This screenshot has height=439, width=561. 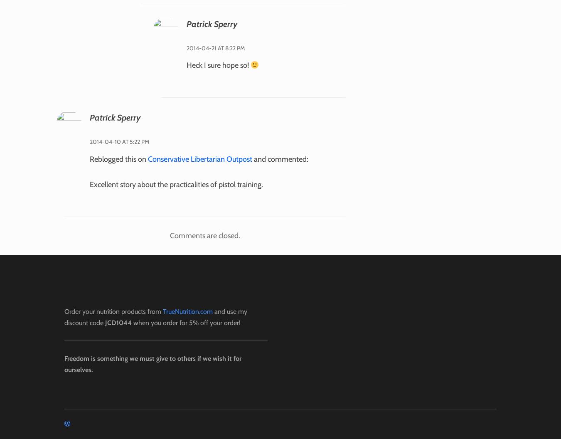 I want to click on 'Order your nutrition products from', so click(x=64, y=311).